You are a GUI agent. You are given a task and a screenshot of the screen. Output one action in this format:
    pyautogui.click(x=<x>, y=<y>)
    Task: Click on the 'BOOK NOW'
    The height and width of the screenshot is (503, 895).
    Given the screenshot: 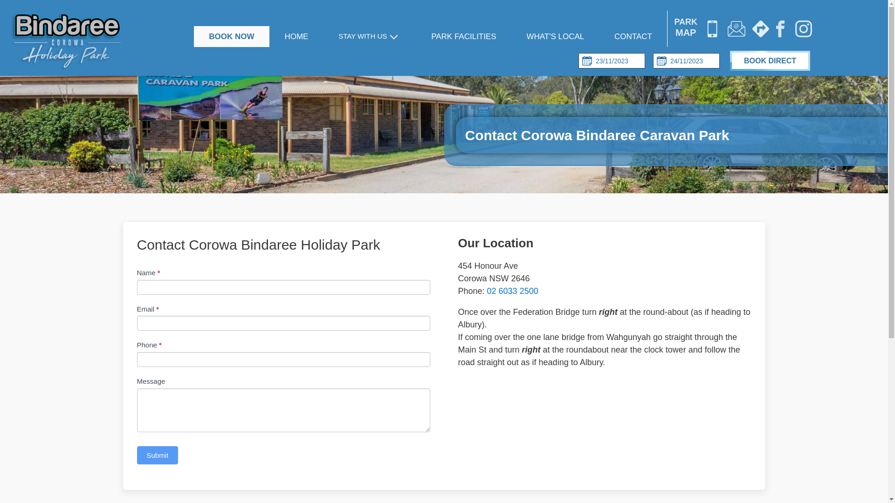 What is the action you would take?
    pyautogui.click(x=232, y=36)
    